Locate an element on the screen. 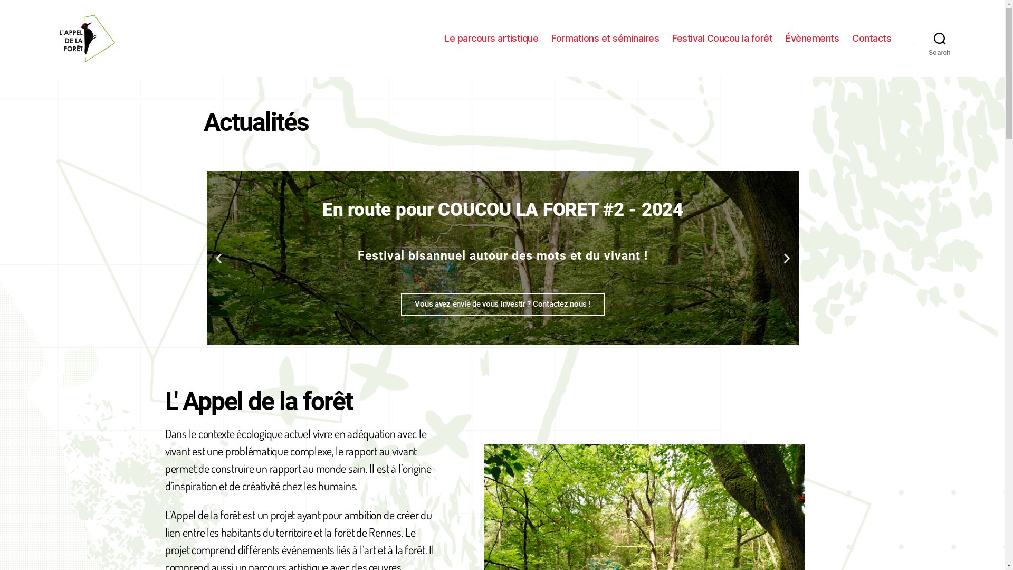 Image resolution: width=1013 pixels, height=570 pixels. 'Search' is located at coordinates (940, 38).